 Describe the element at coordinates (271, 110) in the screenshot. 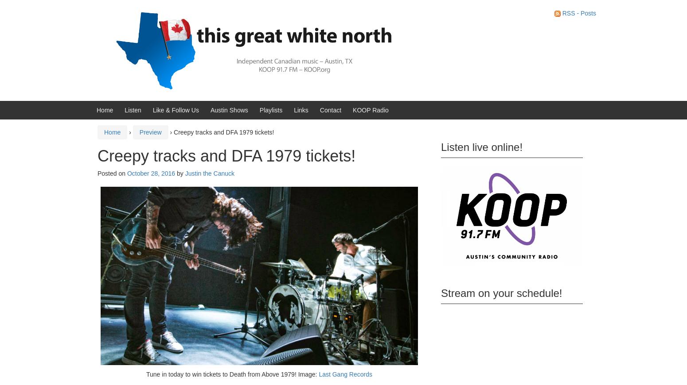

I see `'Playlists'` at that location.